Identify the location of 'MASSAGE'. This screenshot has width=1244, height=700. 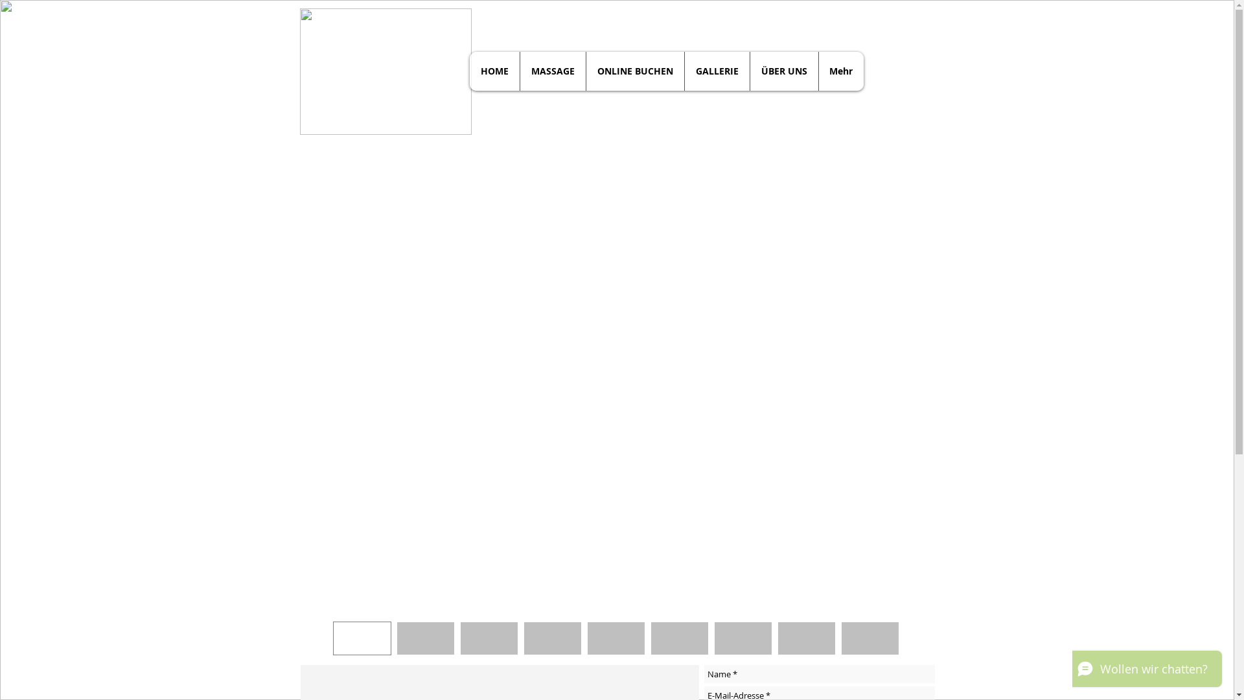
(553, 71).